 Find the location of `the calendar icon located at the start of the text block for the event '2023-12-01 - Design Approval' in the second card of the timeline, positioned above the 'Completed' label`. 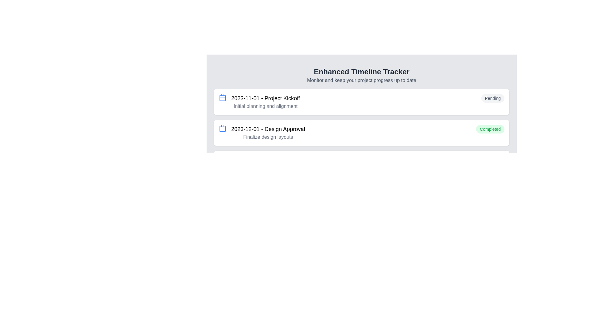

the calendar icon located at the start of the text block for the event '2023-12-01 - Design Approval' in the second card of the timeline, positioned above the 'Completed' label is located at coordinates (222, 128).